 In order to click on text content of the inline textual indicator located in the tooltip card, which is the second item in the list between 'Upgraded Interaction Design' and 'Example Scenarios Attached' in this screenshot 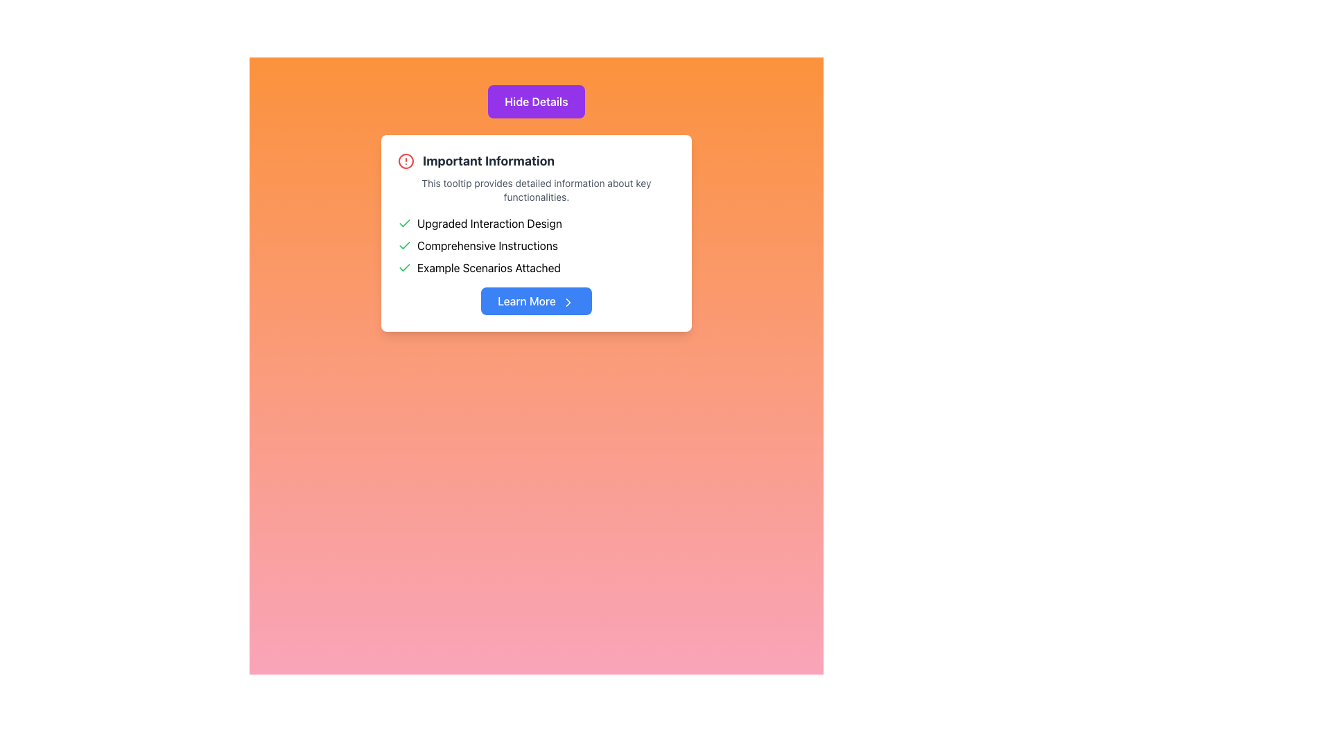, I will do `click(535, 244)`.